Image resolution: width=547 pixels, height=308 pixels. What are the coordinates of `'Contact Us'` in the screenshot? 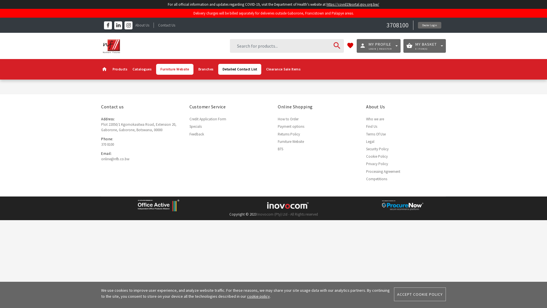 It's located at (166, 25).